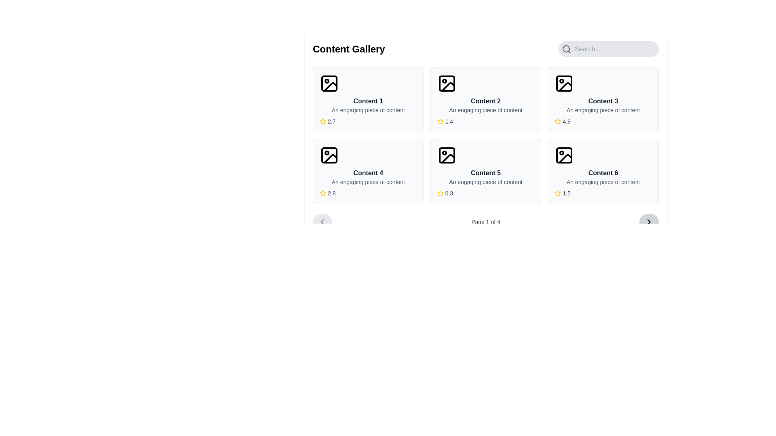 The width and height of the screenshot is (776, 436). What do you see at coordinates (329, 155) in the screenshot?
I see `the rounded rectangle background element within the content card labeled 'Content 4' located in the second row, first column of the grid` at bounding box center [329, 155].